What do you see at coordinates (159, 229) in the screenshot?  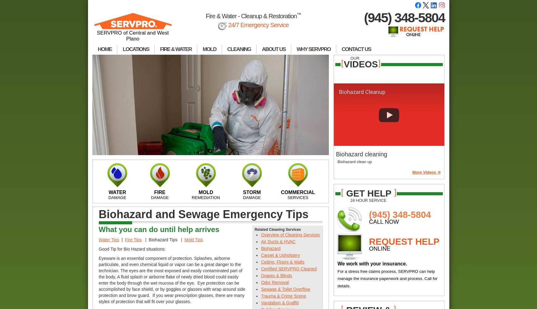 I see `'What you can do until help arrives'` at bounding box center [159, 229].